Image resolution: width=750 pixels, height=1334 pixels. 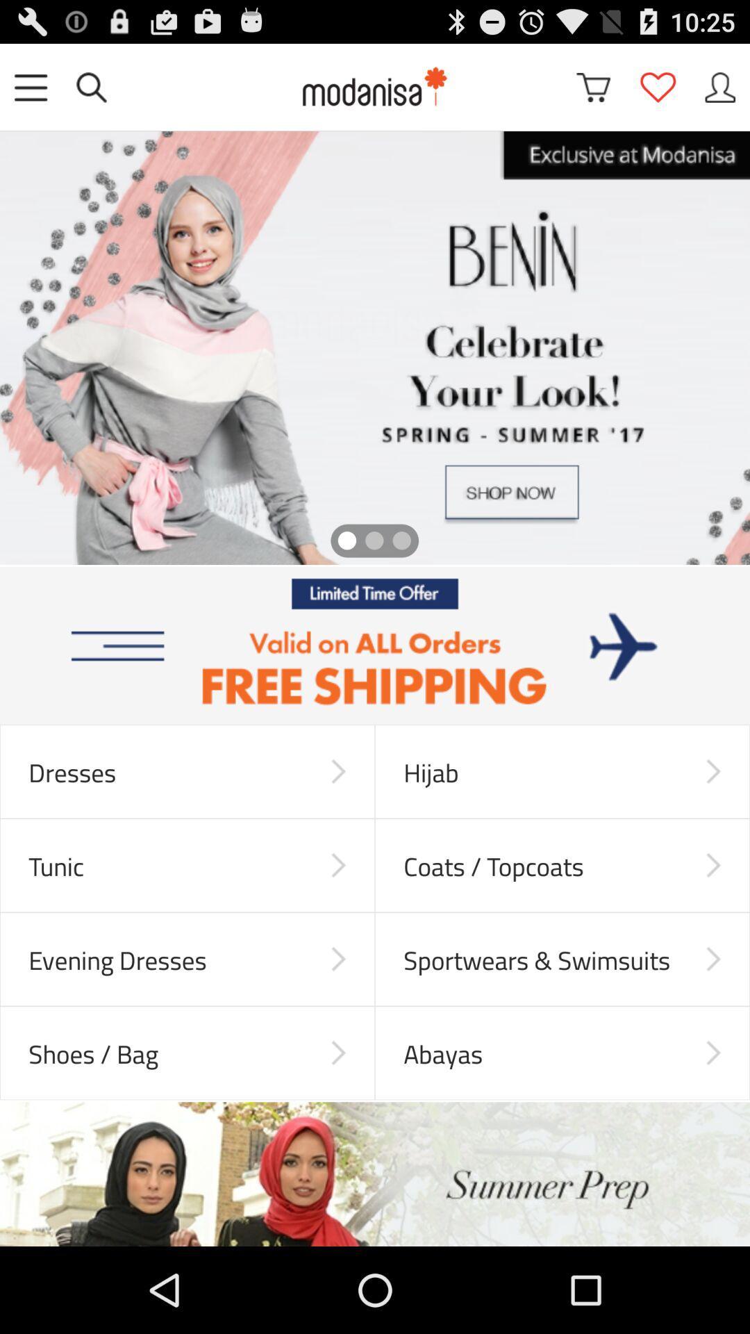 I want to click on shopping cart, so click(x=593, y=86).